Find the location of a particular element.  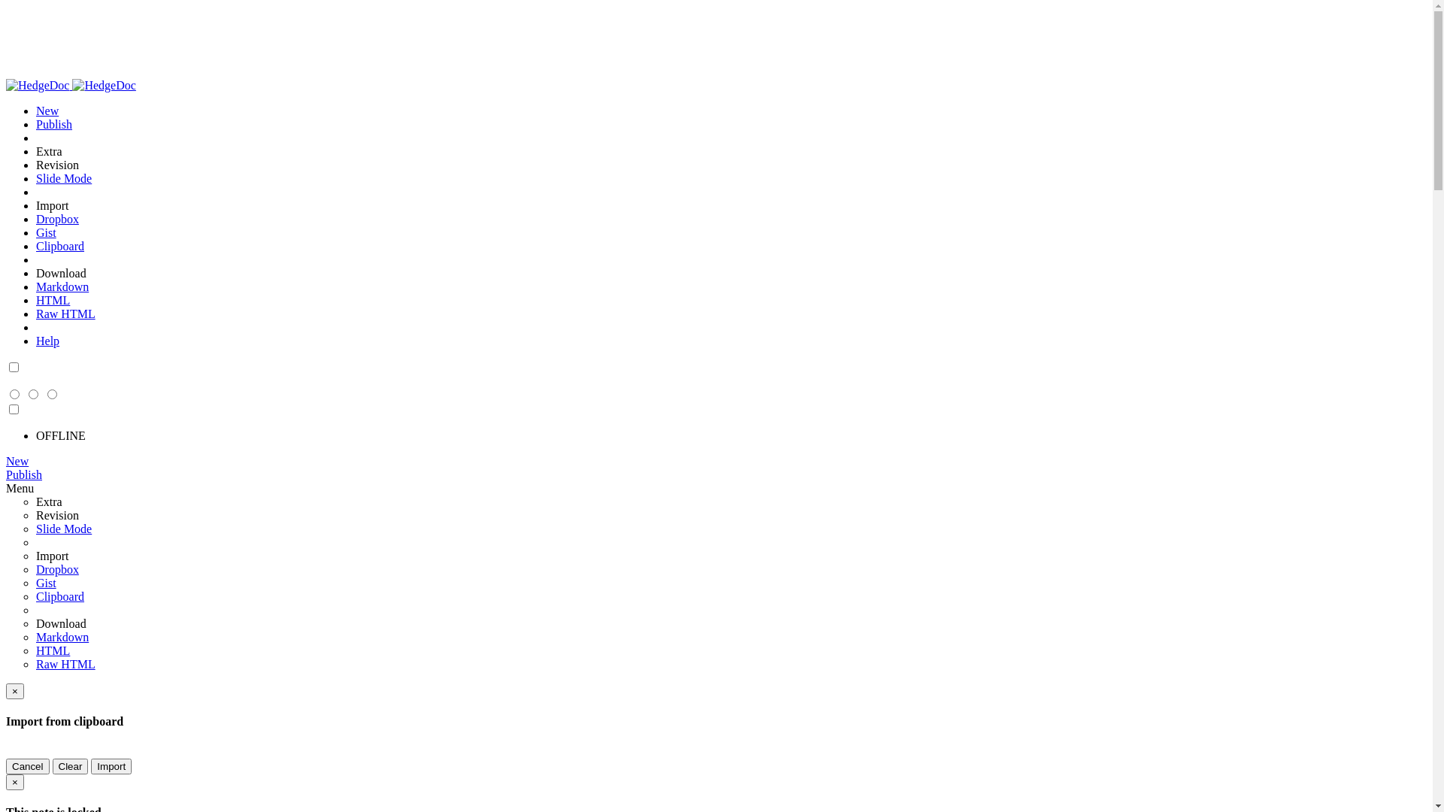

'Publish' is located at coordinates (6, 474).